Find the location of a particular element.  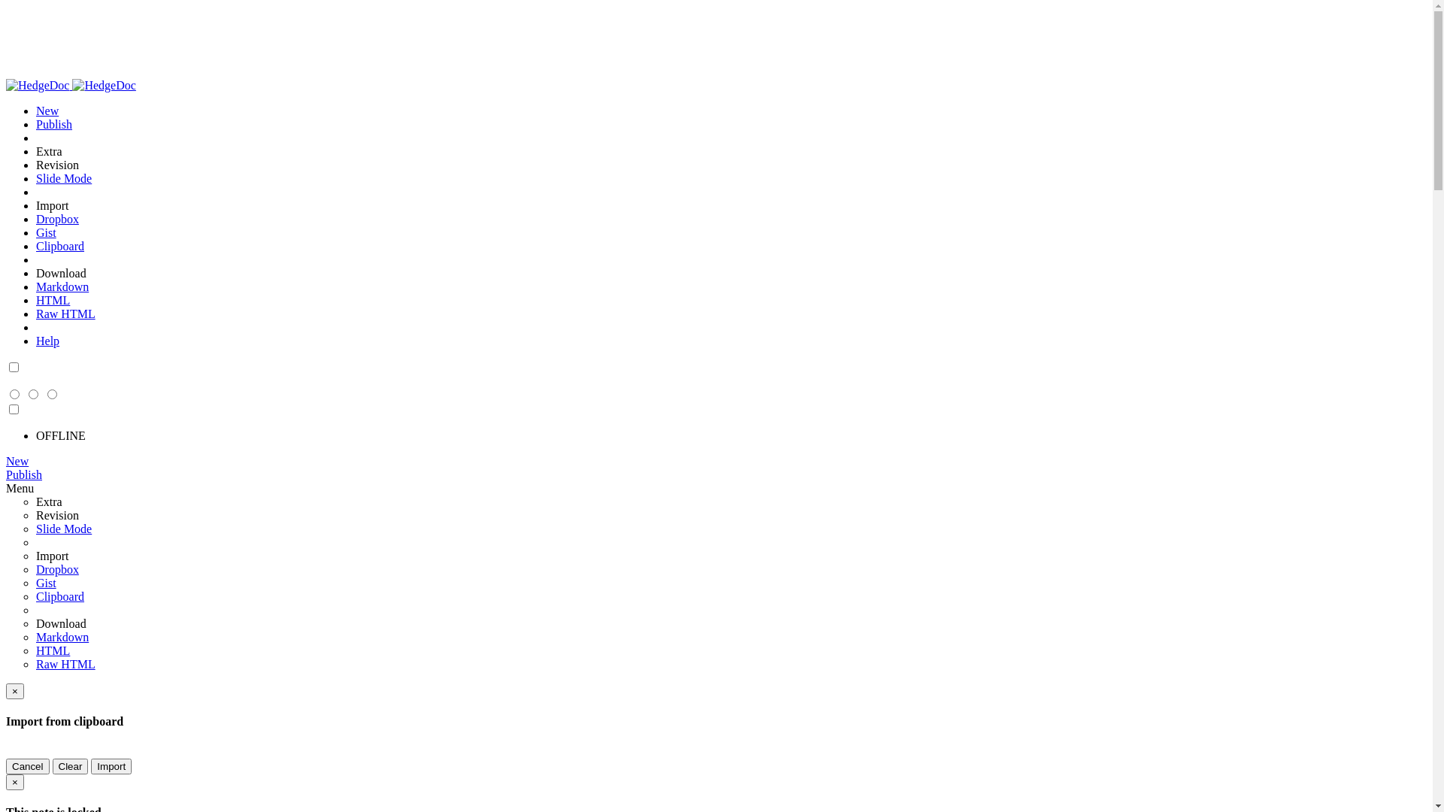

'Publish' is located at coordinates (6, 474).